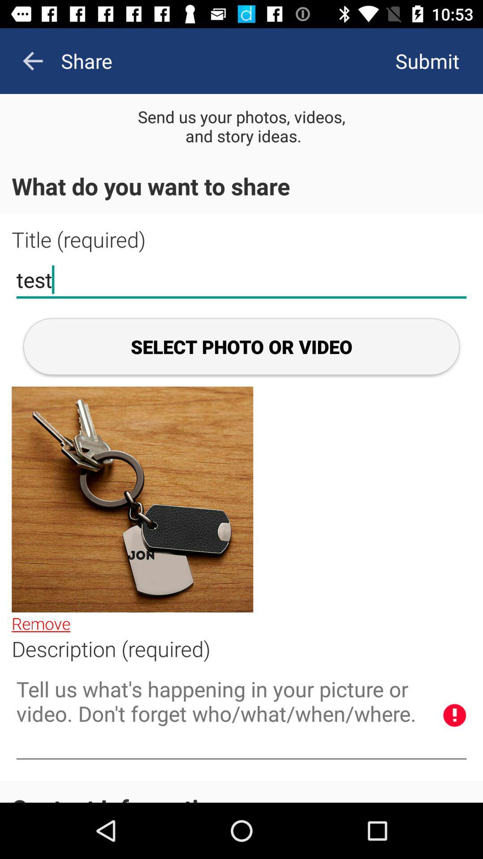 The width and height of the screenshot is (483, 859). What do you see at coordinates (241, 716) in the screenshot?
I see `information about photo in box` at bounding box center [241, 716].